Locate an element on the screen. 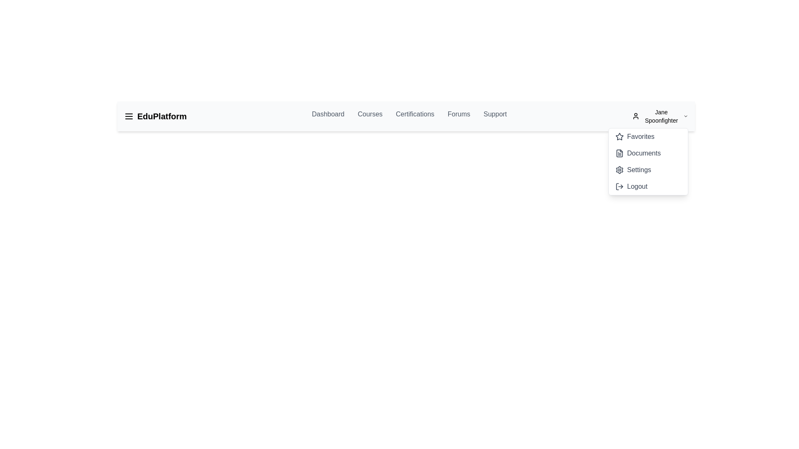  the text label identifying the platform or application name in the navigation bar by moving the cursor to its center point is located at coordinates (162, 116).